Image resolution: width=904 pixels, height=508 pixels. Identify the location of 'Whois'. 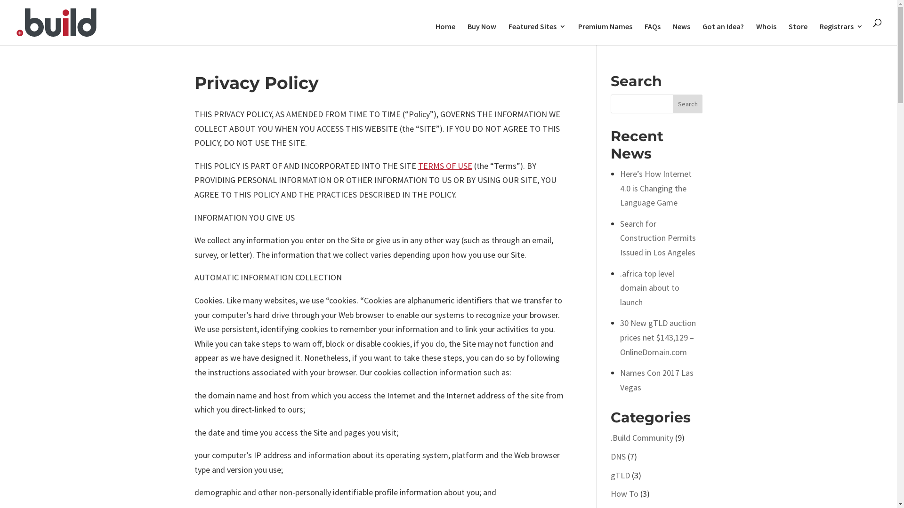
(756, 33).